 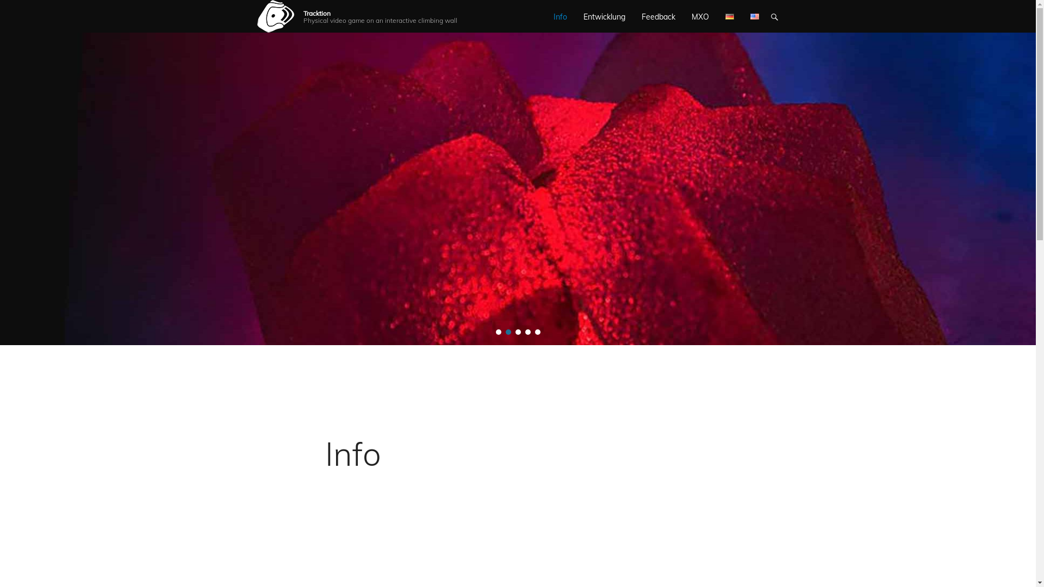 I want to click on 'Tracktion', so click(x=316, y=13).